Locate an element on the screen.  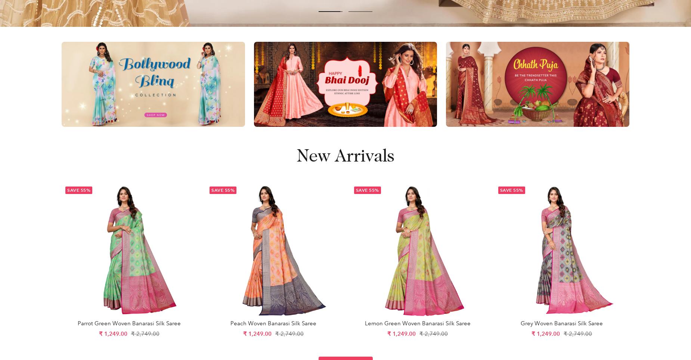
'Switzerland (INR ₹)' is located at coordinates (543, 73).